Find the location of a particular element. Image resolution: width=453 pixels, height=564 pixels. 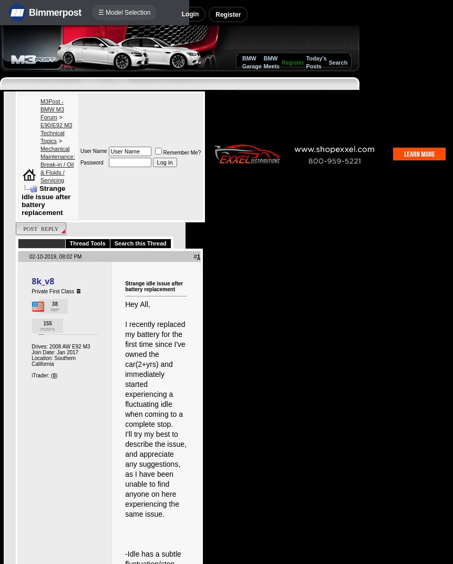

'X5.X6' is located at coordinates (131, 411).